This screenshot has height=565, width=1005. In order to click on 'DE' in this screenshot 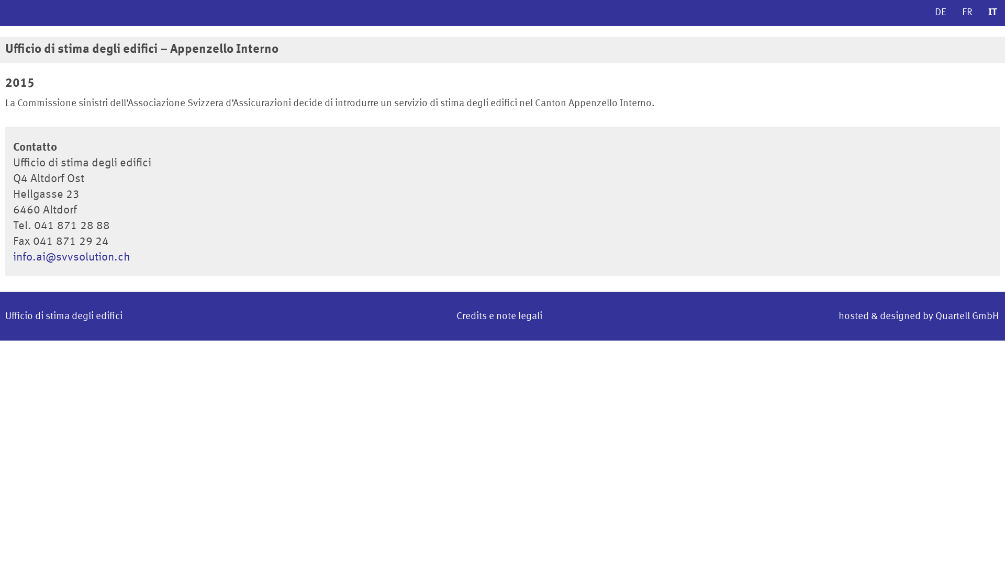, I will do `click(940, 13)`.